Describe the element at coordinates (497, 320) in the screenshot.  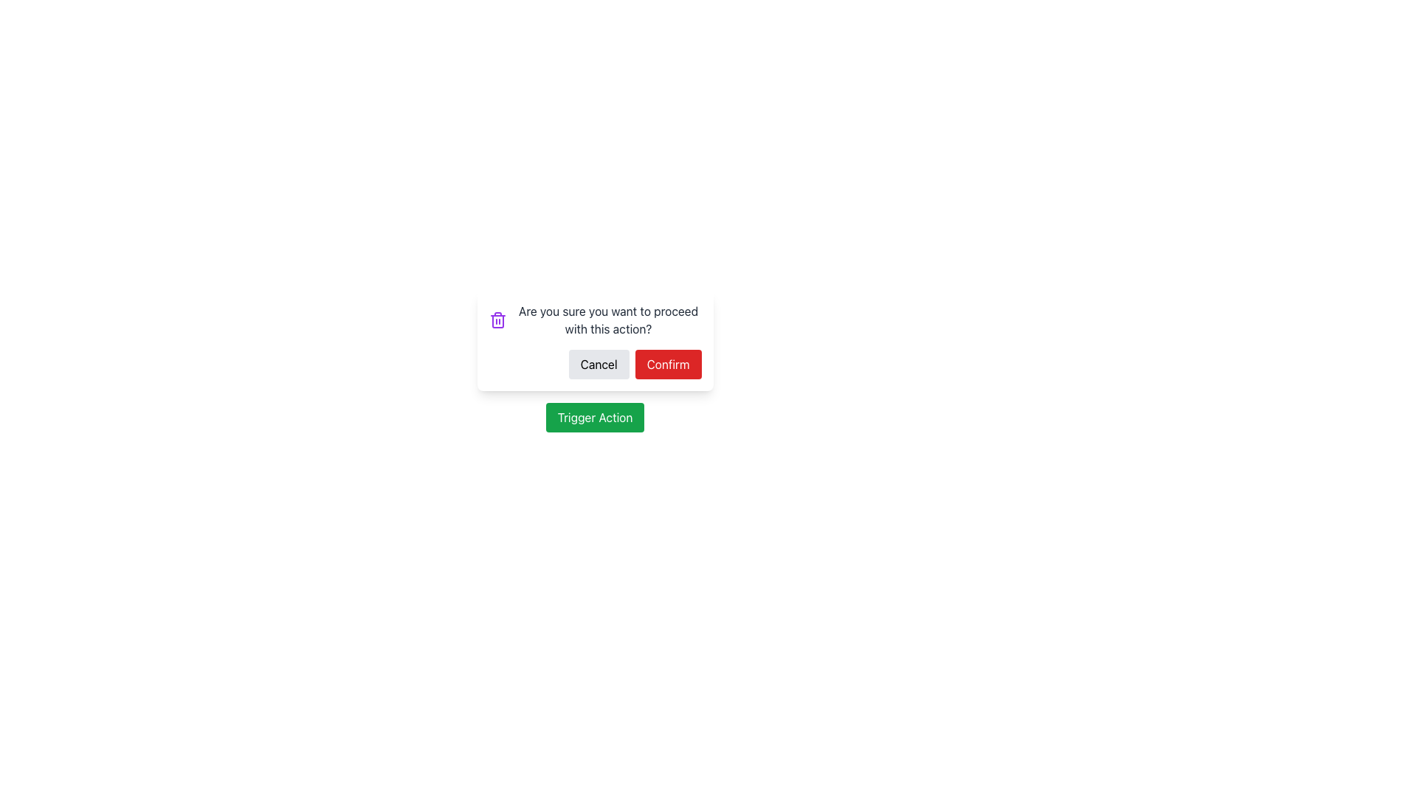
I see `the deletion icon located to the left of the text message 'Are you sure you want to proceed with this action?' in the dialog box` at that location.